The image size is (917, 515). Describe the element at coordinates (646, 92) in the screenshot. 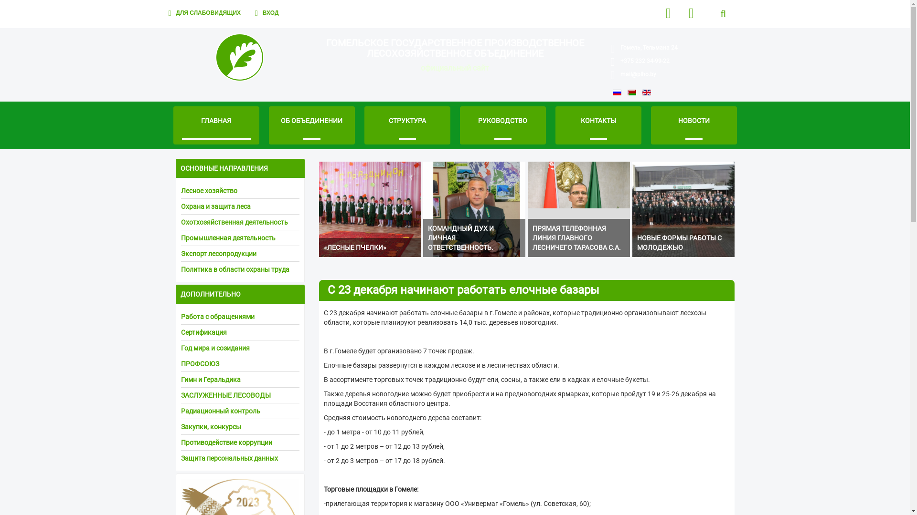

I see `'English (United Kingdom)'` at that location.